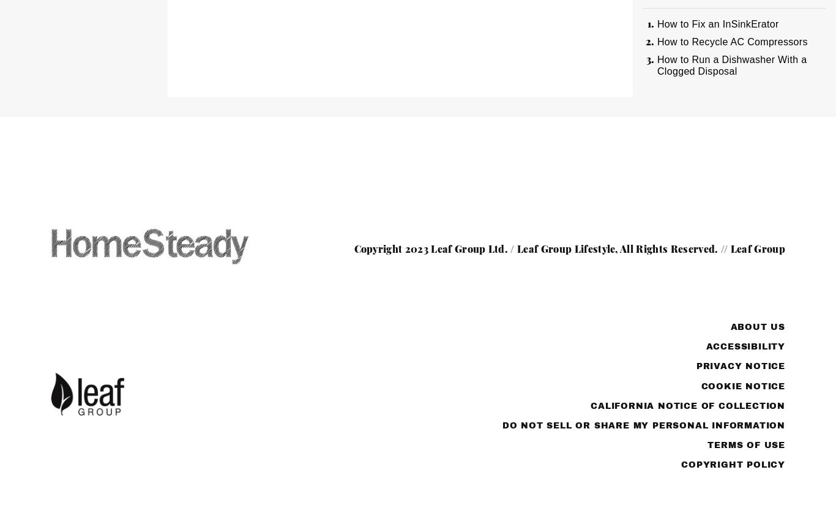 This screenshot has height=527, width=836. Describe the element at coordinates (656, 40) in the screenshot. I see `'How to Recycle AC Compressors'` at that location.